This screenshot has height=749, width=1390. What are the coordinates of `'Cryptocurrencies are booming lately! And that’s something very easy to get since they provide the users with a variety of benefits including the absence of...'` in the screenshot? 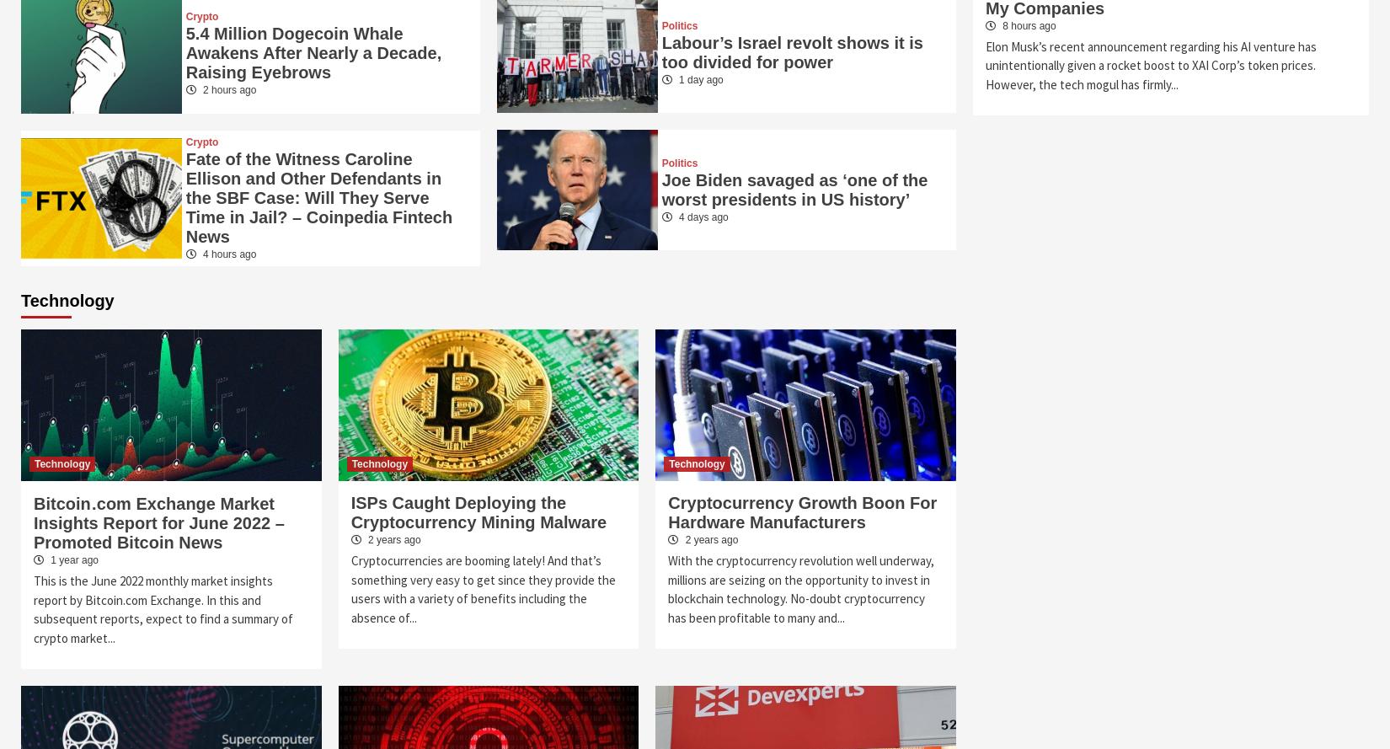 It's located at (349, 588).